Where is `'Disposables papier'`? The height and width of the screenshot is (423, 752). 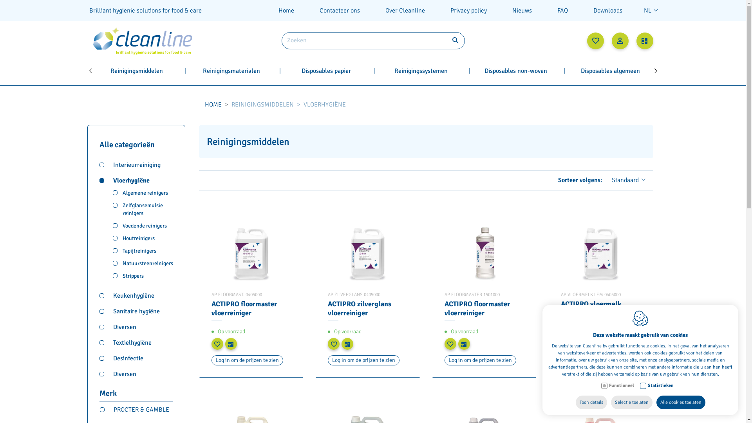
'Disposables papier' is located at coordinates (326, 71).